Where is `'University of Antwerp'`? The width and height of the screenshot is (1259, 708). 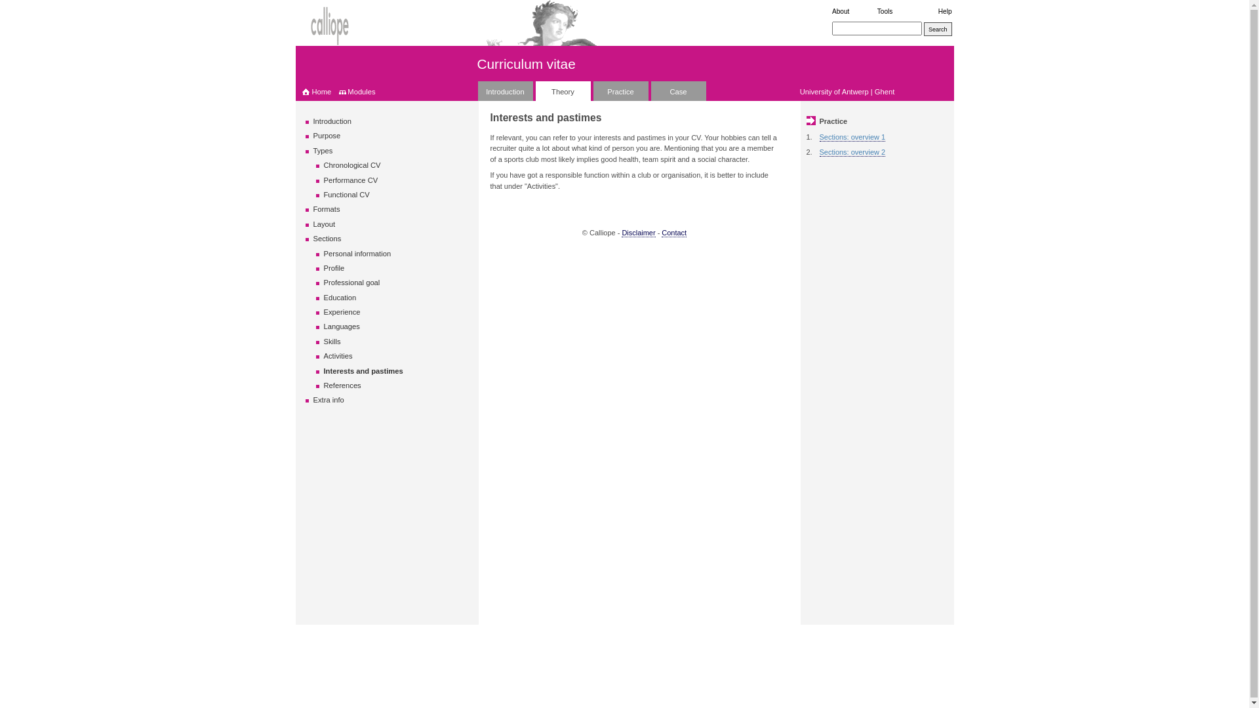 'University of Antwerp' is located at coordinates (833, 90).